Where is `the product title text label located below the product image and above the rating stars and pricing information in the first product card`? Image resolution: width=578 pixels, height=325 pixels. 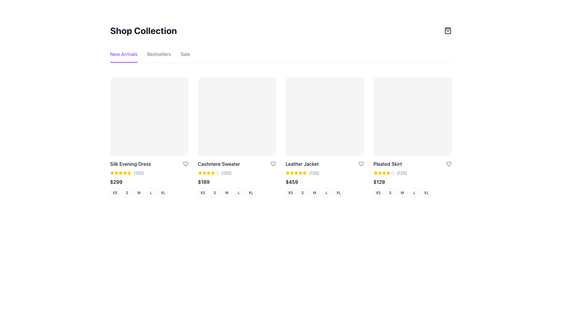
the product title text label located below the product image and above the rating stars and pricing information in the first product card is located at coordinates (149, 164).